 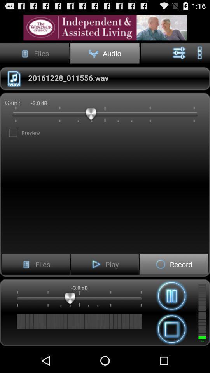 I want to click on advertisement, so click(x=105, y=28).